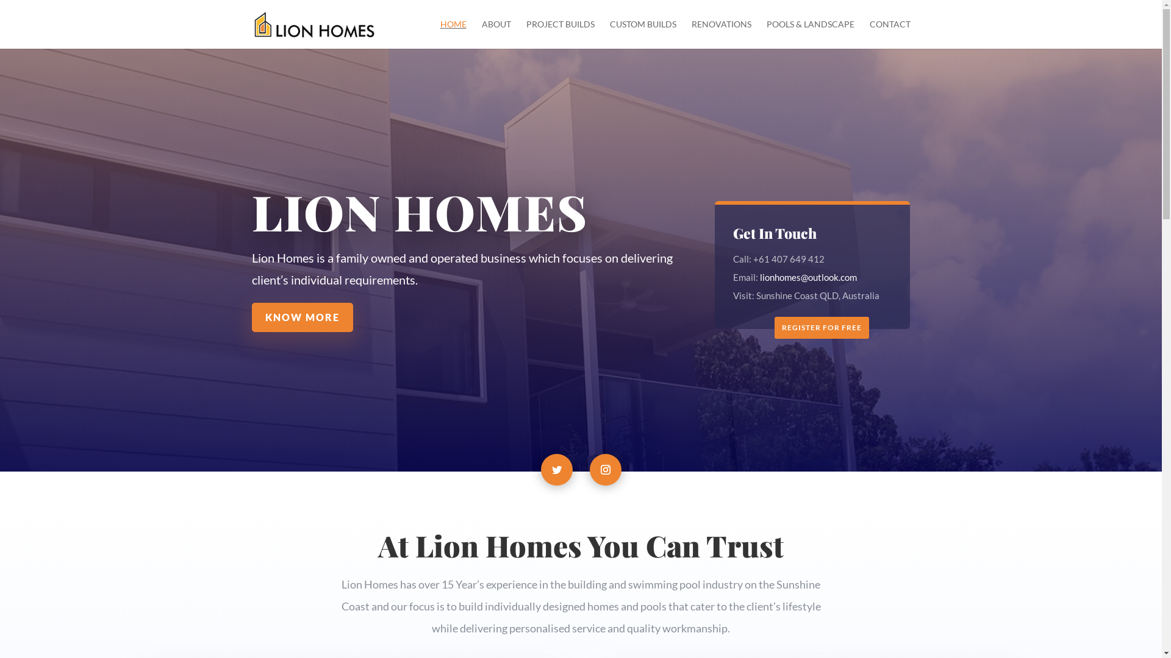  What do you see at coordinates (642, 34) in the screenshot?
I see `'CUSTOM BUILDS'` at bounding box center [642, 34].